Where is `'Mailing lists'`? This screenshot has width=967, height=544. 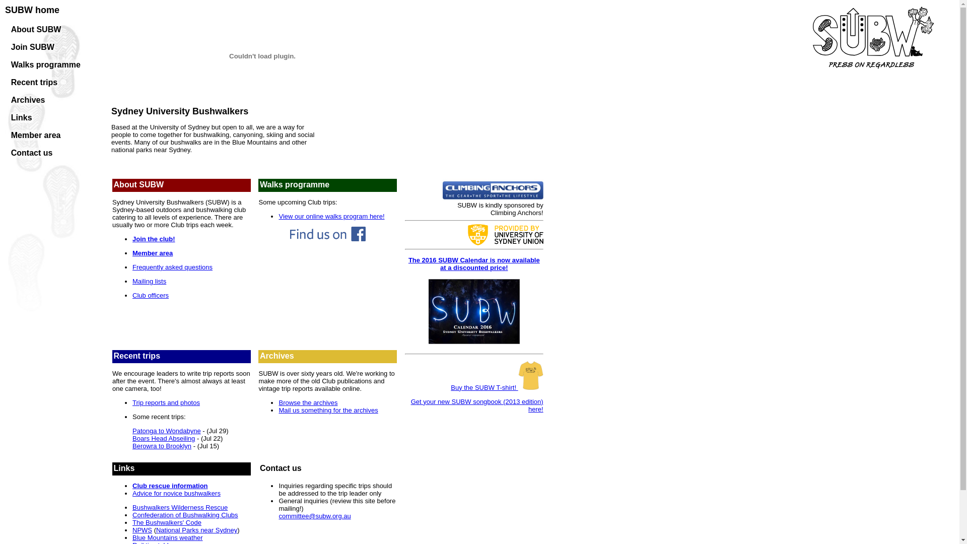 'Mailing lists' is located at coordinates (132, 281).